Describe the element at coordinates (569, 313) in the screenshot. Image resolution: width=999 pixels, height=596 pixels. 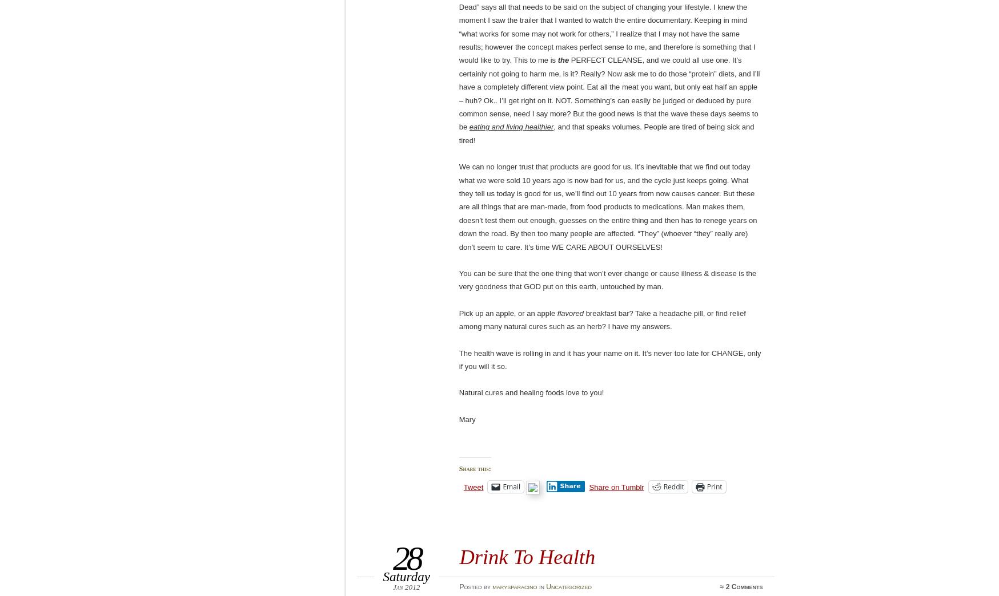
I see `'flavored'` at that location.